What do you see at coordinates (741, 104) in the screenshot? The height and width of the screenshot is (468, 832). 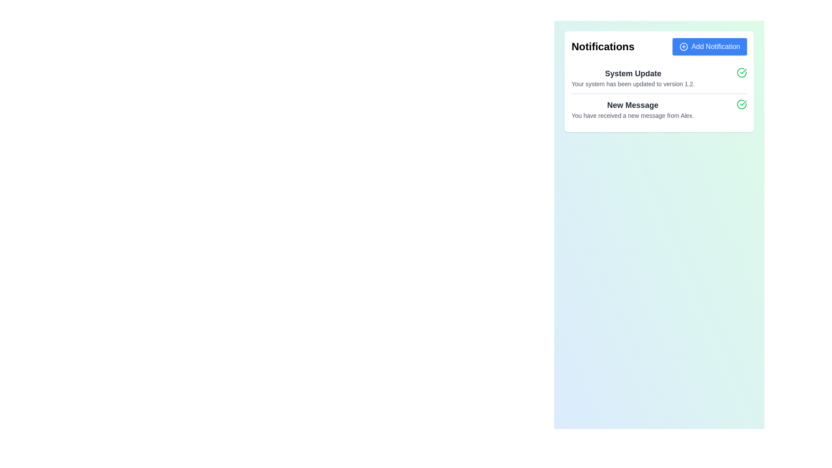 I see `the confirmation icon located at the far-right side of the 'New Message' notification row to acknowledge the notification` at bounding box center [741, 104].